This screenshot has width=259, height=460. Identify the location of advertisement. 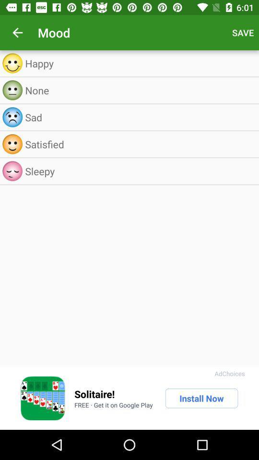
(42, 398).